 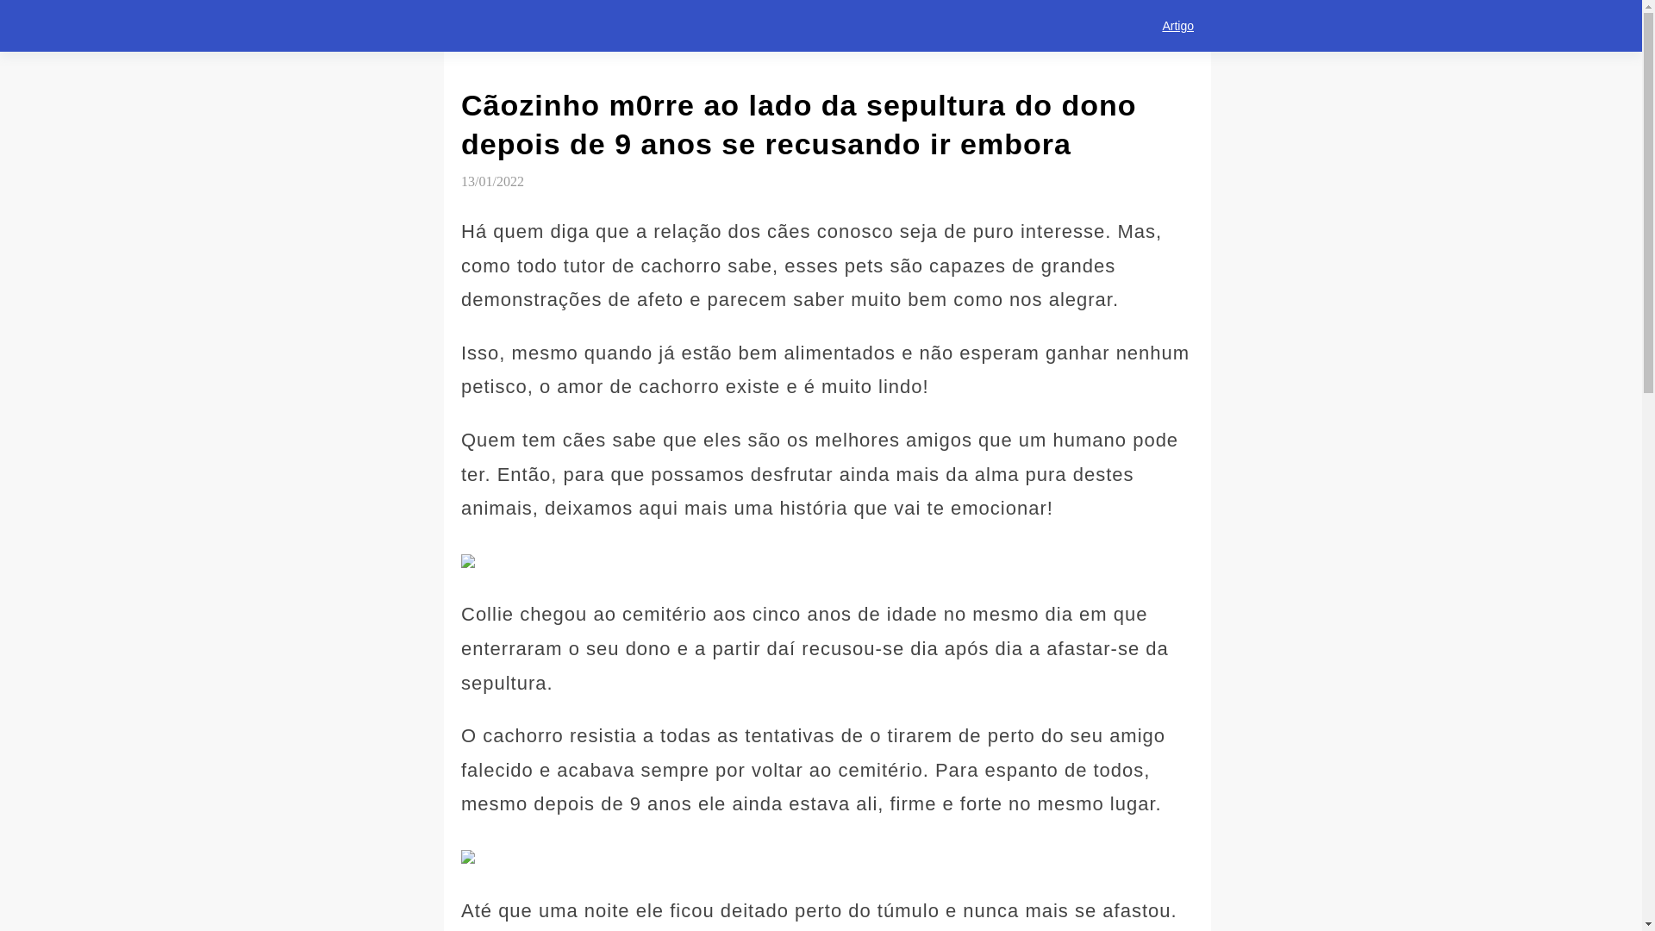 What do you see at coordinates (1145, 26) in the screenshot?
I see `'Artigo'` at bounding box center [1145, 26].